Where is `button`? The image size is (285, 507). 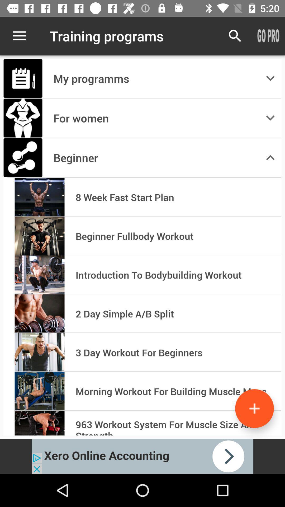 button is located at coordinates (254, 408).